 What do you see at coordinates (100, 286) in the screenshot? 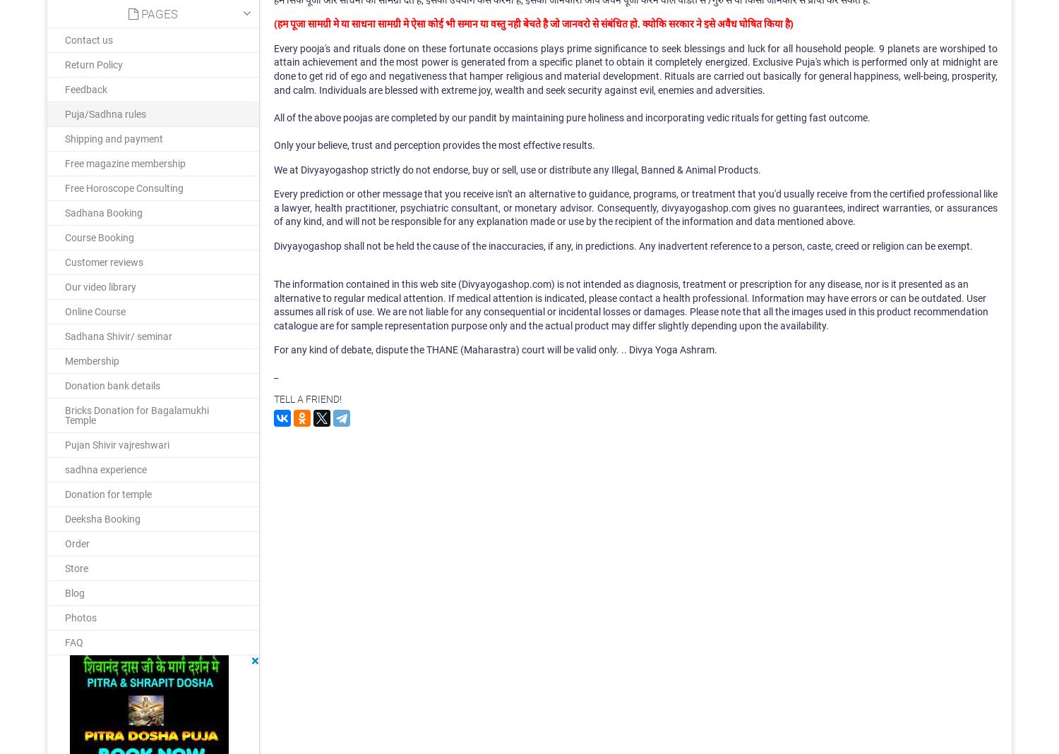
I see `'Our video library'` at bounding box center [100, 286].